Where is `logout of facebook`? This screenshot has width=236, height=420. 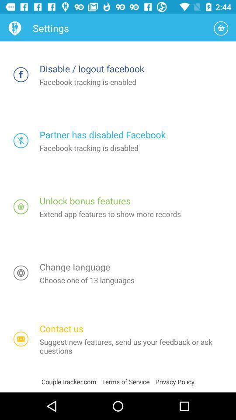 logout of facebook is located at coordinates (21, 74).